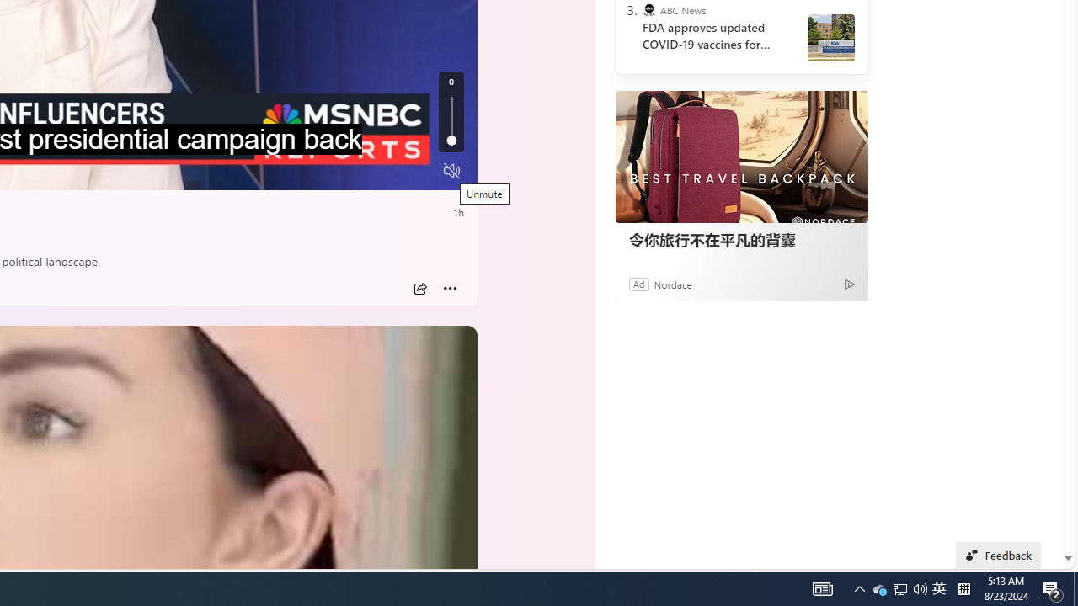  What do you see at coordinates (450, 288) in the screenshot?
I see `'Class: at-item inline-watch'` at bounding box center [450, 288].